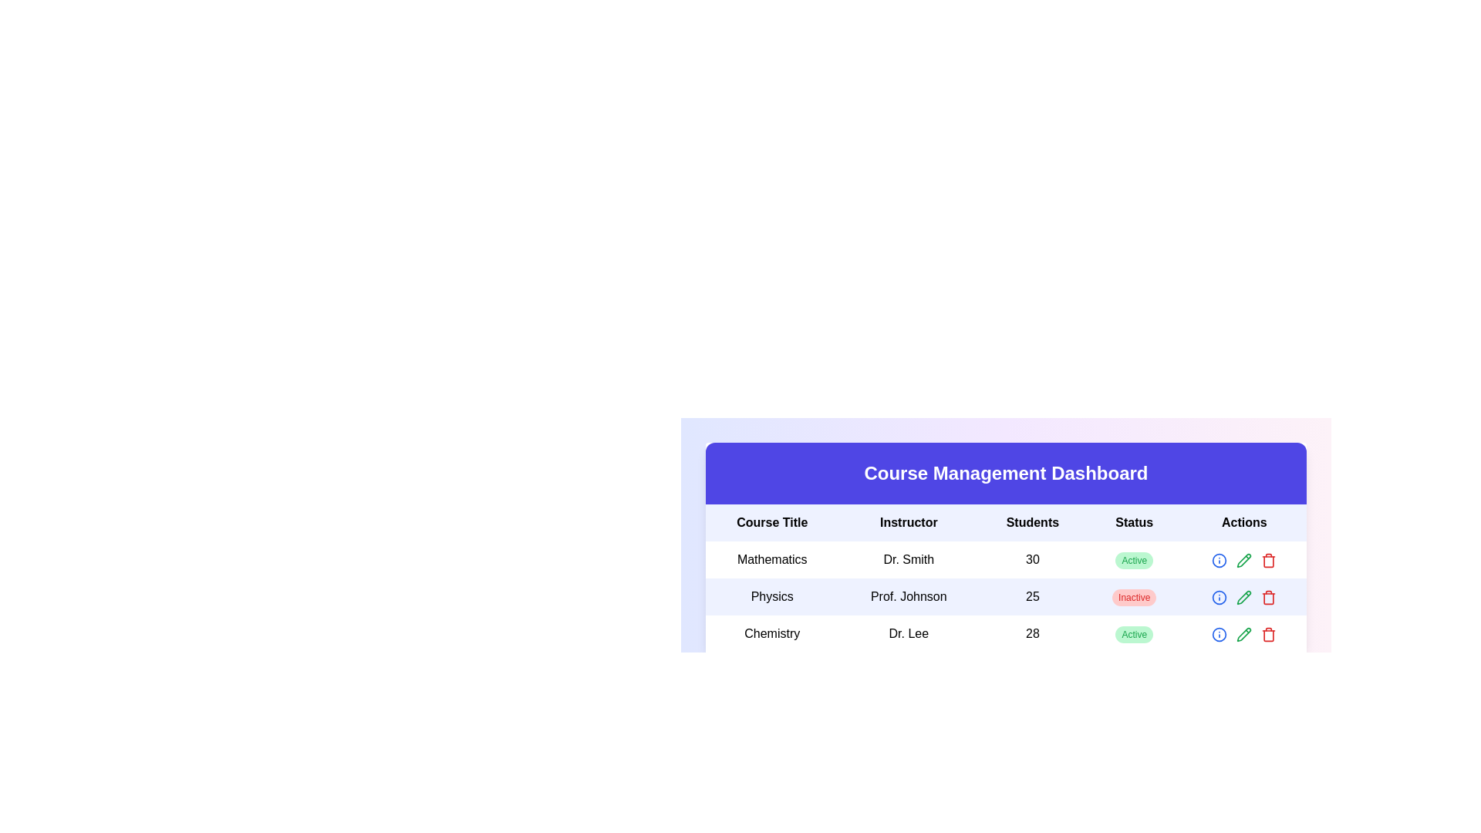 The image size is (1481, 833). I want to click on the green pencil icon in the 'Actions' column of the second row, which represents the edit action for the row labeled 'Physics' with instructor 'Prof. Johnson', so click(1244, 559).